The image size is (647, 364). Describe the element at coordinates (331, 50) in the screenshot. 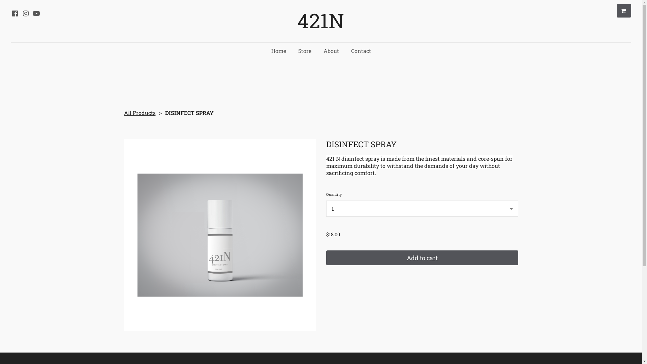

I see `'About'` at that location.